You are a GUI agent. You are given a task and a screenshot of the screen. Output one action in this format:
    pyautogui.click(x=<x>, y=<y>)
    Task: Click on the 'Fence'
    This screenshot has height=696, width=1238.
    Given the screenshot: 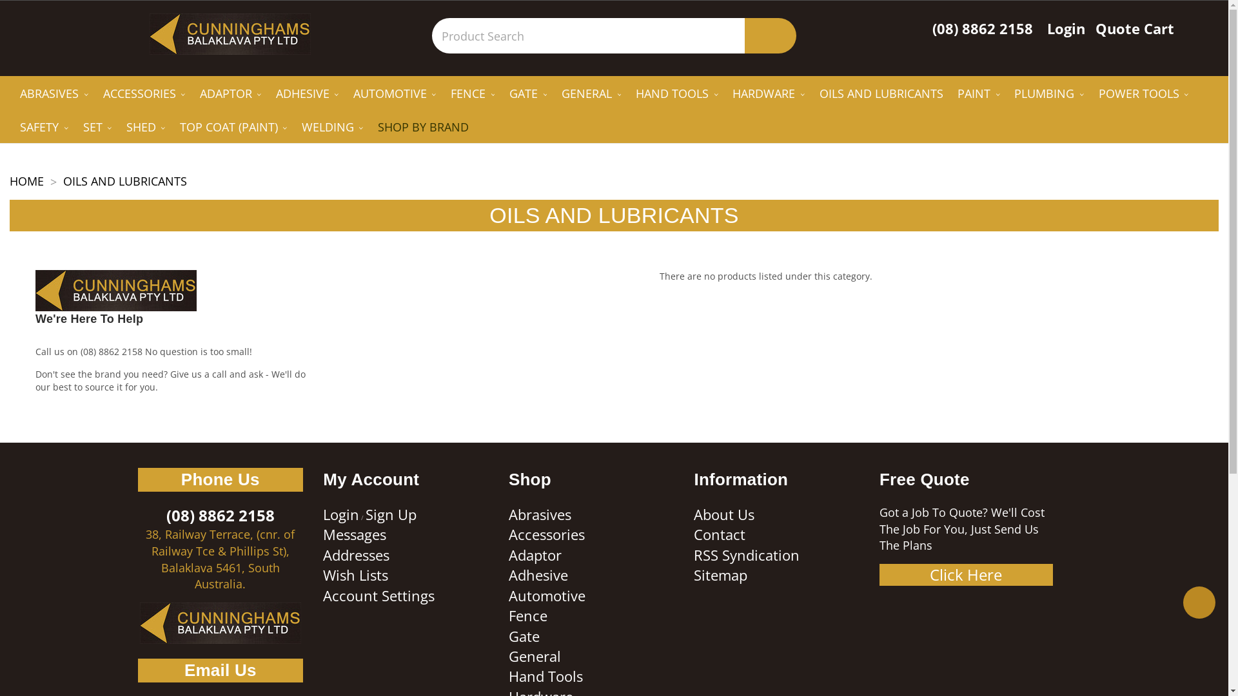 What is the action you would take?
    pyautogui.click(x=528, y=615)
    